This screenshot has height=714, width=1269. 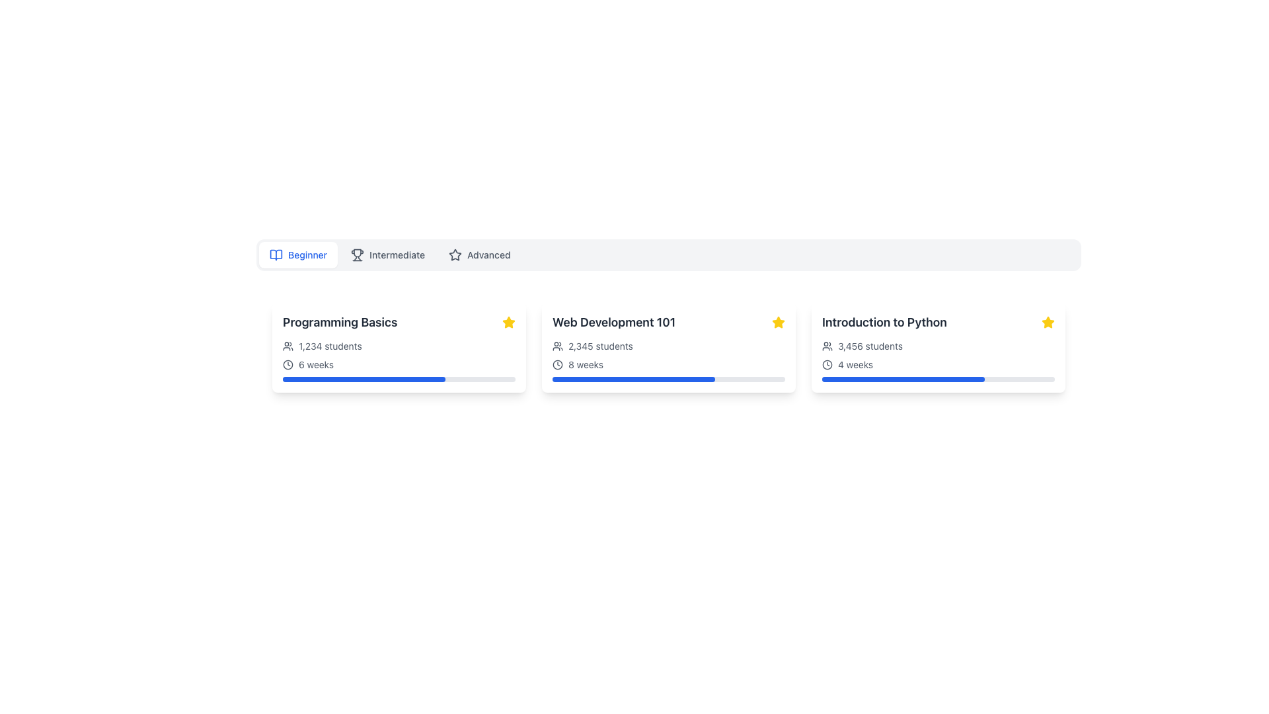 What do you see at coordinates (455, 255) in the screenshot?
I see `the star icon located in the navigation bar adjacent to the 'Advanced' label, indicating its importance` at bounding box center [455, 255].